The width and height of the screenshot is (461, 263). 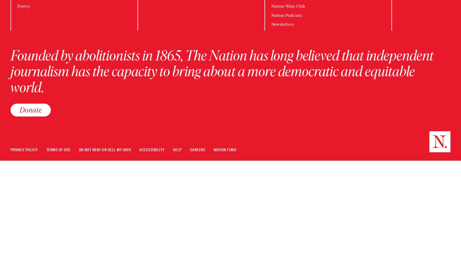 What do you see at coordinates (213, 150) in the screenshot?
I see `'Nation Fund'` at bounding box center [213, 150].